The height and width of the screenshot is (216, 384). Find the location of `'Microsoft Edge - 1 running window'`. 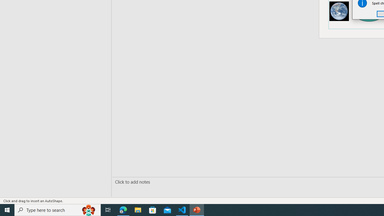

'Microsoft Edge - 1 running window' is located at coordinates (123, 209).